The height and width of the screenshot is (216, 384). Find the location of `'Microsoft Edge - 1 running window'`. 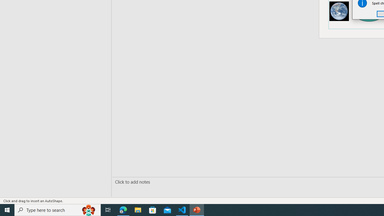

'Microsoft Edge - 1 running window' is located at coordinates (123, 209).